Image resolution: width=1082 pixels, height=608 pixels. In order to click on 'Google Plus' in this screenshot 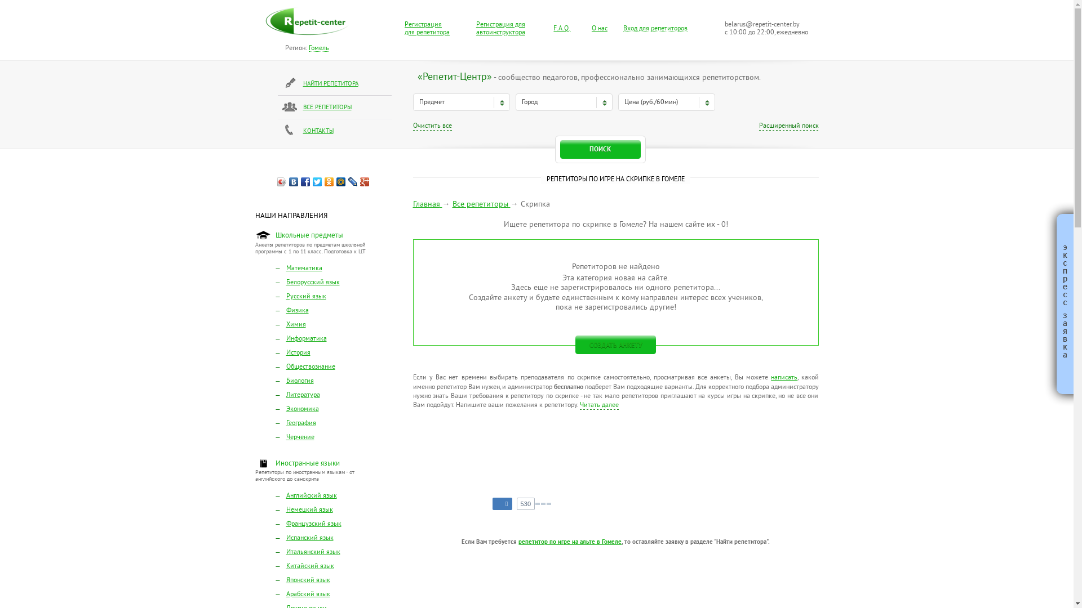, I will do `click(365, 181)`.